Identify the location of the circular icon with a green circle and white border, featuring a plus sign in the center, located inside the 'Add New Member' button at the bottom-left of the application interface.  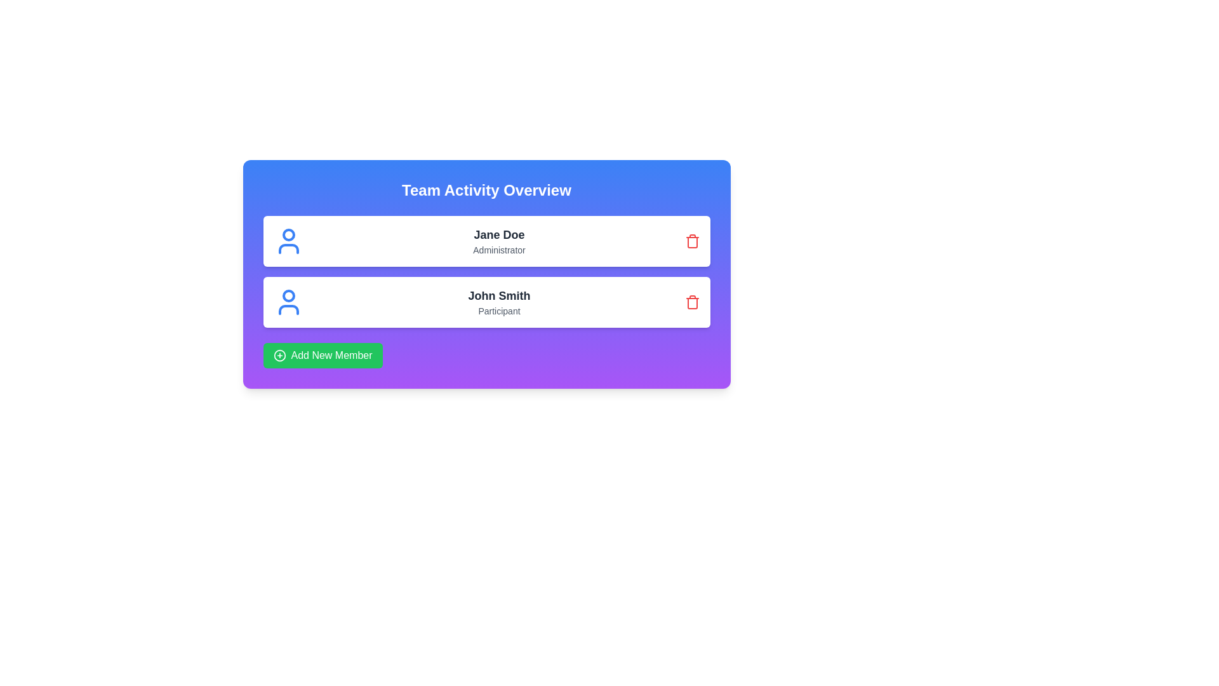
(279, 355).